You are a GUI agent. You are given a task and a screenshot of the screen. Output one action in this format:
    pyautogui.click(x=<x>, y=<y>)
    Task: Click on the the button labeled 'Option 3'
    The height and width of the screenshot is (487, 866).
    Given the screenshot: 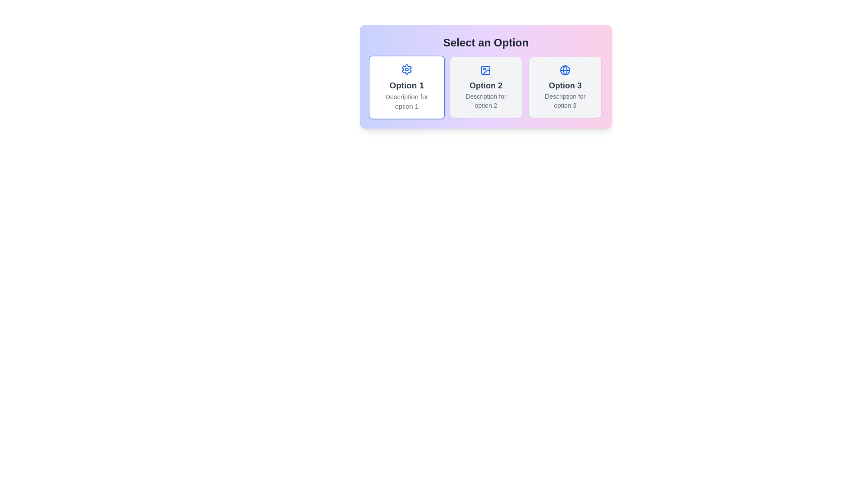 What is the action you would take?
    pyautogui.click(x=565, y=87)
    